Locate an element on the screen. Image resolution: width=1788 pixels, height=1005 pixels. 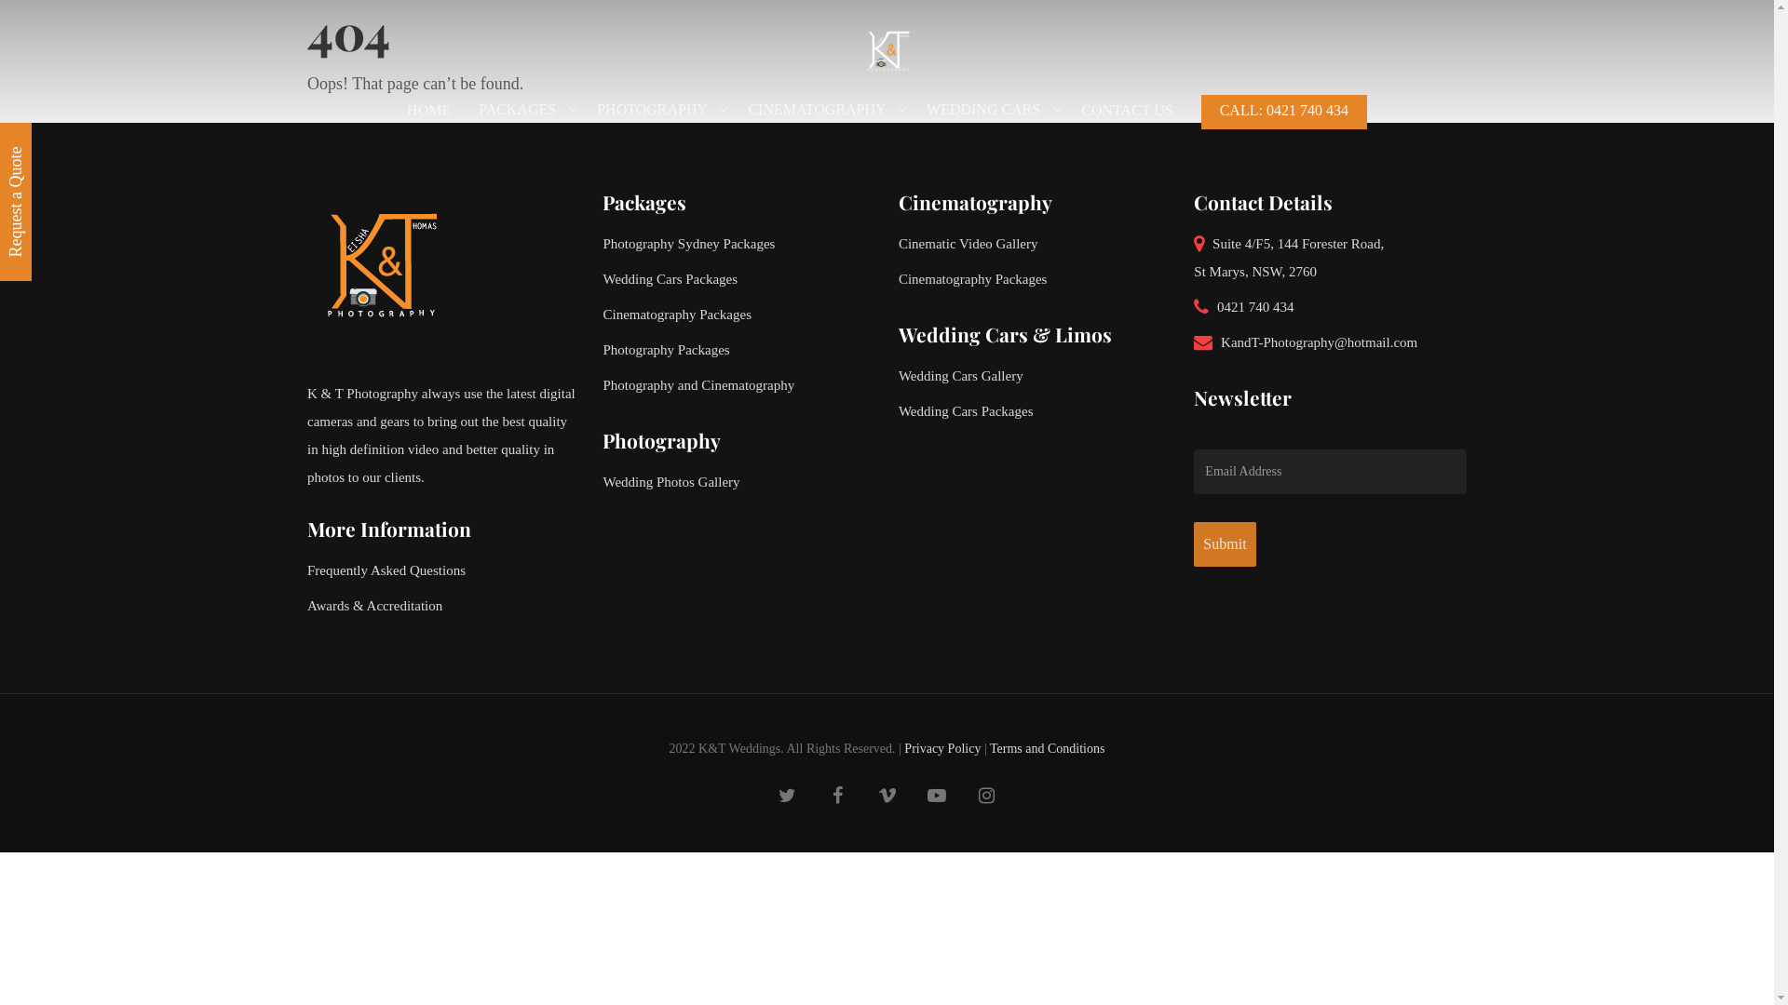
'Frequently Asked Questions' is located at coordinates (442, 569).